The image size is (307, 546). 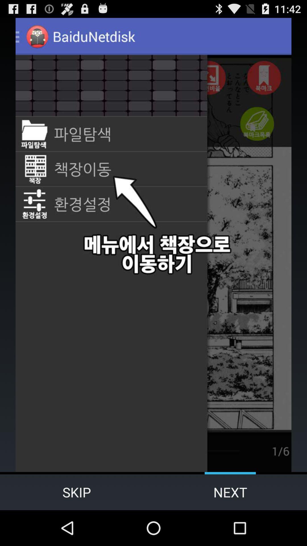 What do you see at coordinates (230, 492) in the screenshot?
I see `the item at the bottom right corner` at bounding box center [230, 492].